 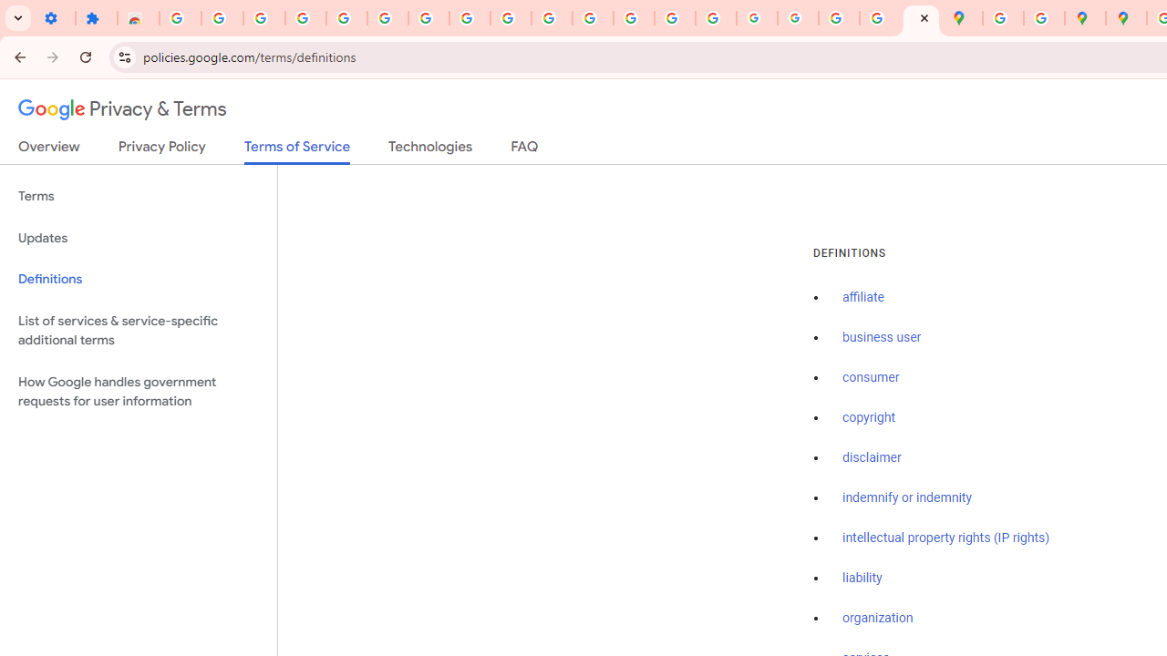 I want to click on 'liability', so click(x=861, y=578).